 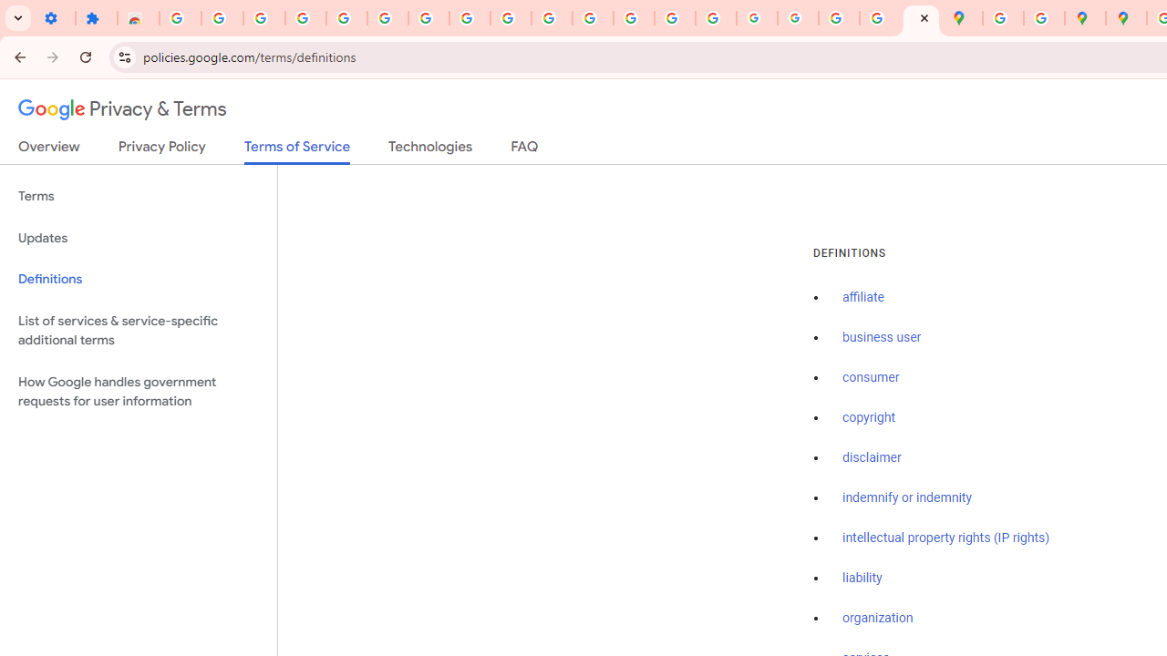 I want to click on 'liability', so click(x=861, y=578).